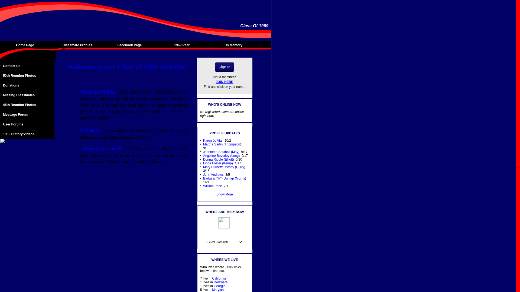 Image resolution: width=520 pixels, height=292 pixels. What do you see at coordinates (225, 82) in the screenshot?
I see `'JOIN HERE'` at bounding box center [225, 82].